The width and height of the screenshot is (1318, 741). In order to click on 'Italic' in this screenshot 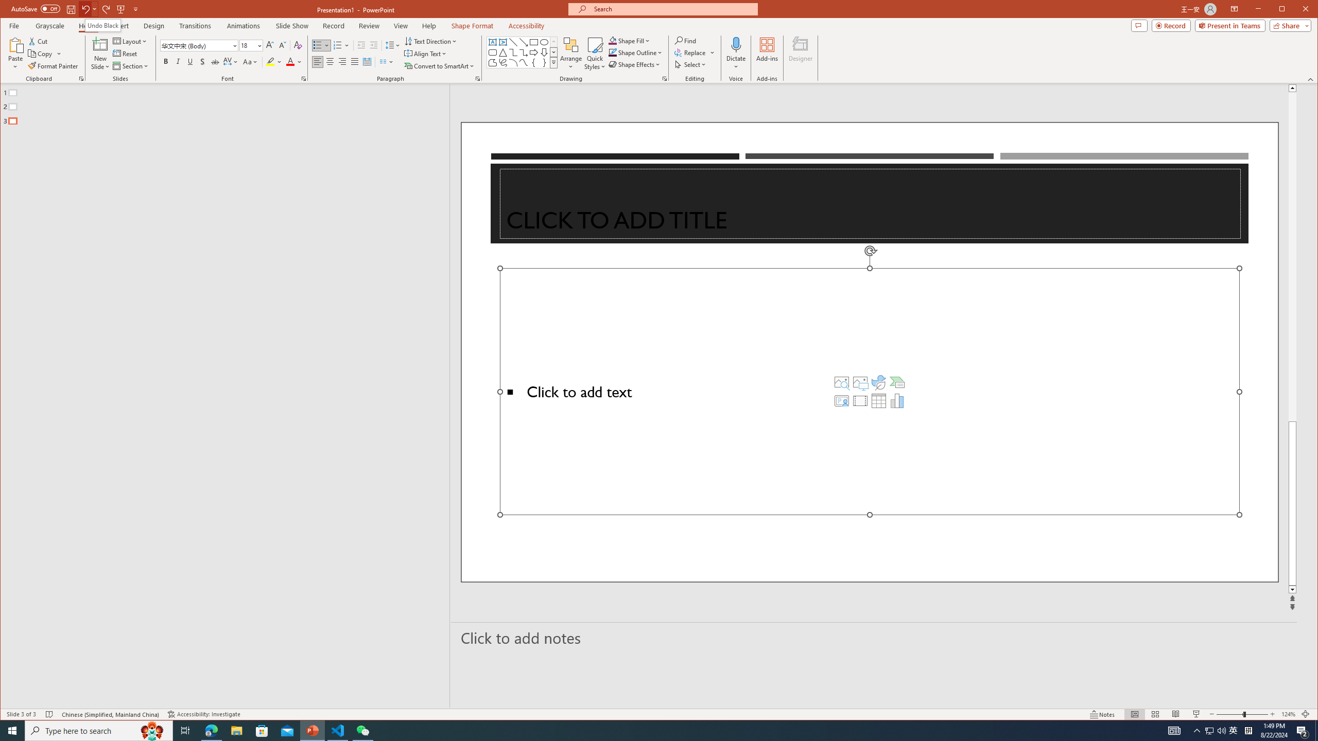, I will do `click(178, 61)`.